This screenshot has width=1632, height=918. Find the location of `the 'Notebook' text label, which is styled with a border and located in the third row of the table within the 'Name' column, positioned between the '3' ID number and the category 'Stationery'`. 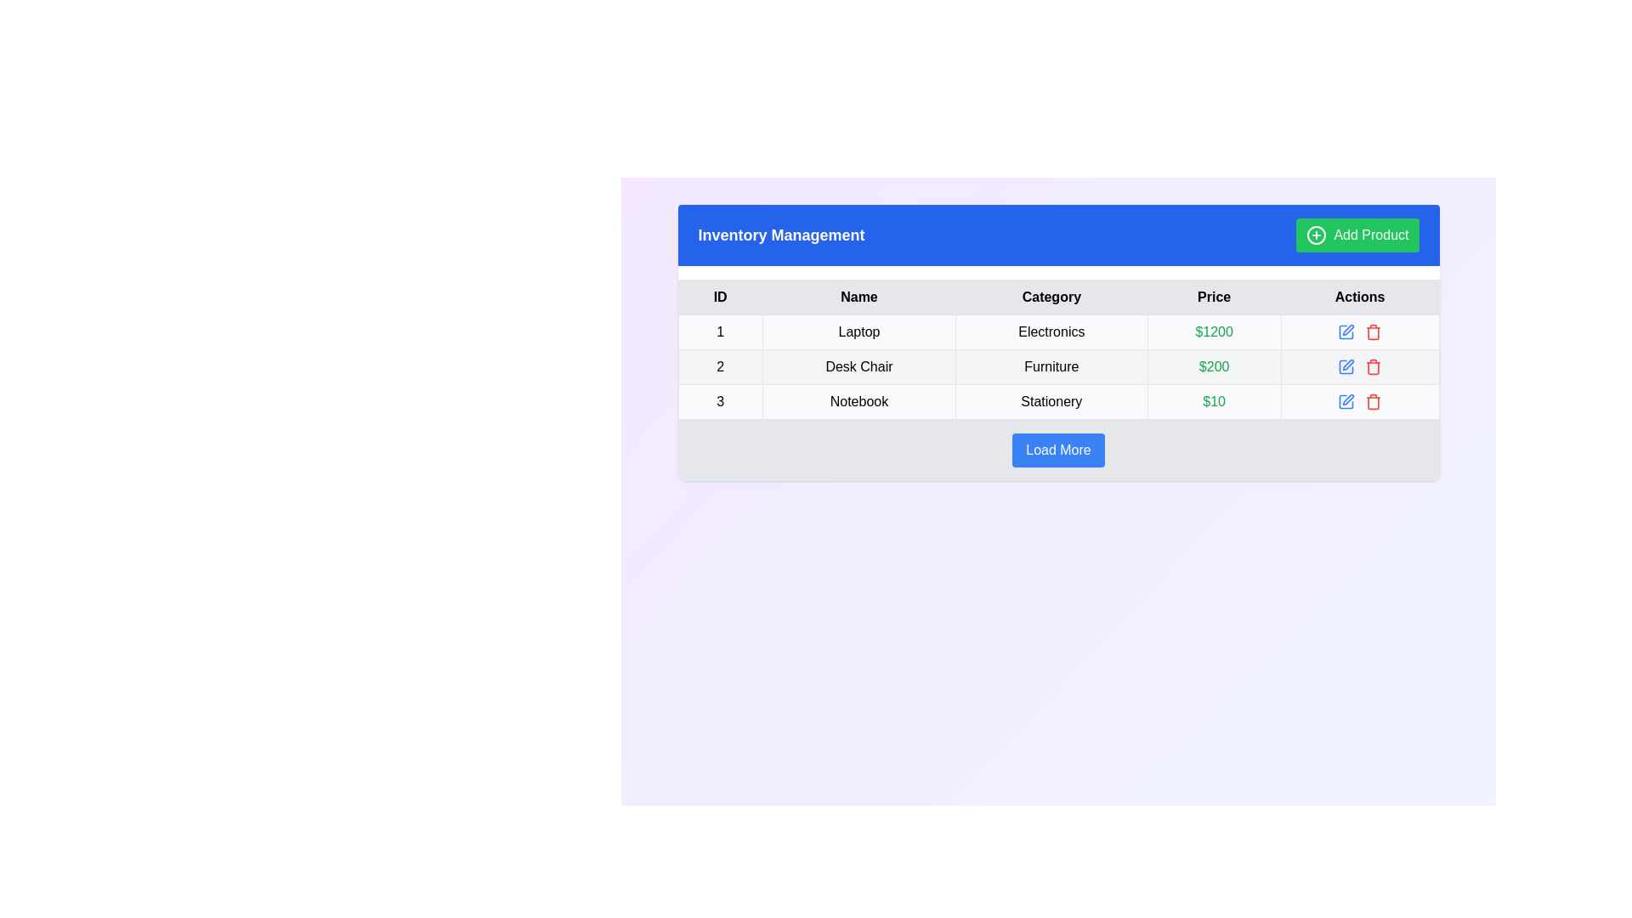

the 'Notebook' text label, which is styled with a border and located in the third row of the table within the 'Name' column, positioned between the '3' ID number and the category 'Stationery' is located at coordinates (858, 402).